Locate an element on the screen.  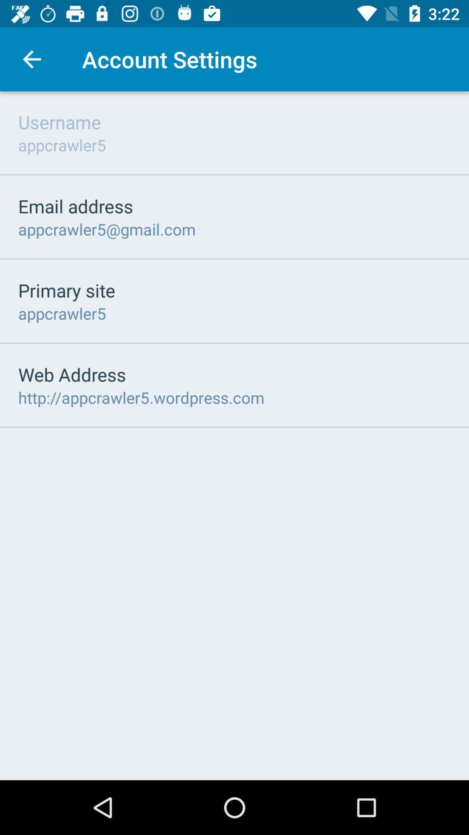
the icon above the appcrawler5 is located at coordinates (66, 290).